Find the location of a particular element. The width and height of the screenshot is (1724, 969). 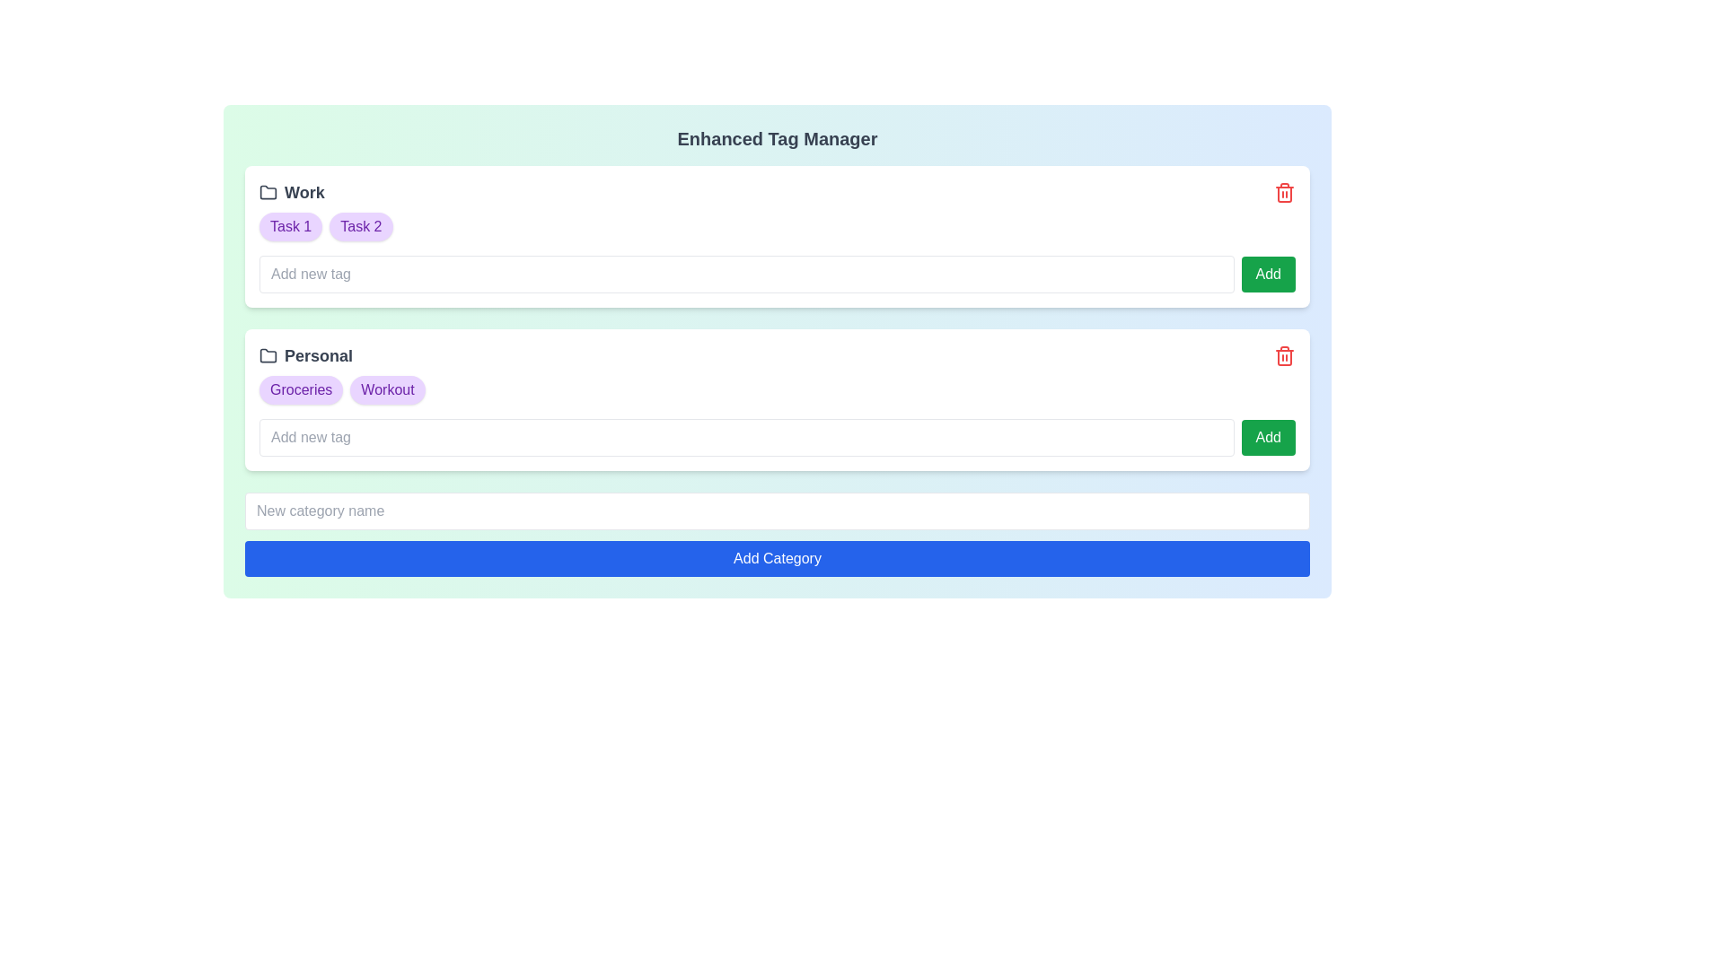

the pill-shaped label with the text 'Task 2', which has a purple background and is located in the 'Work' section beneath the 'Work' header is located at coordinates (360, 226).